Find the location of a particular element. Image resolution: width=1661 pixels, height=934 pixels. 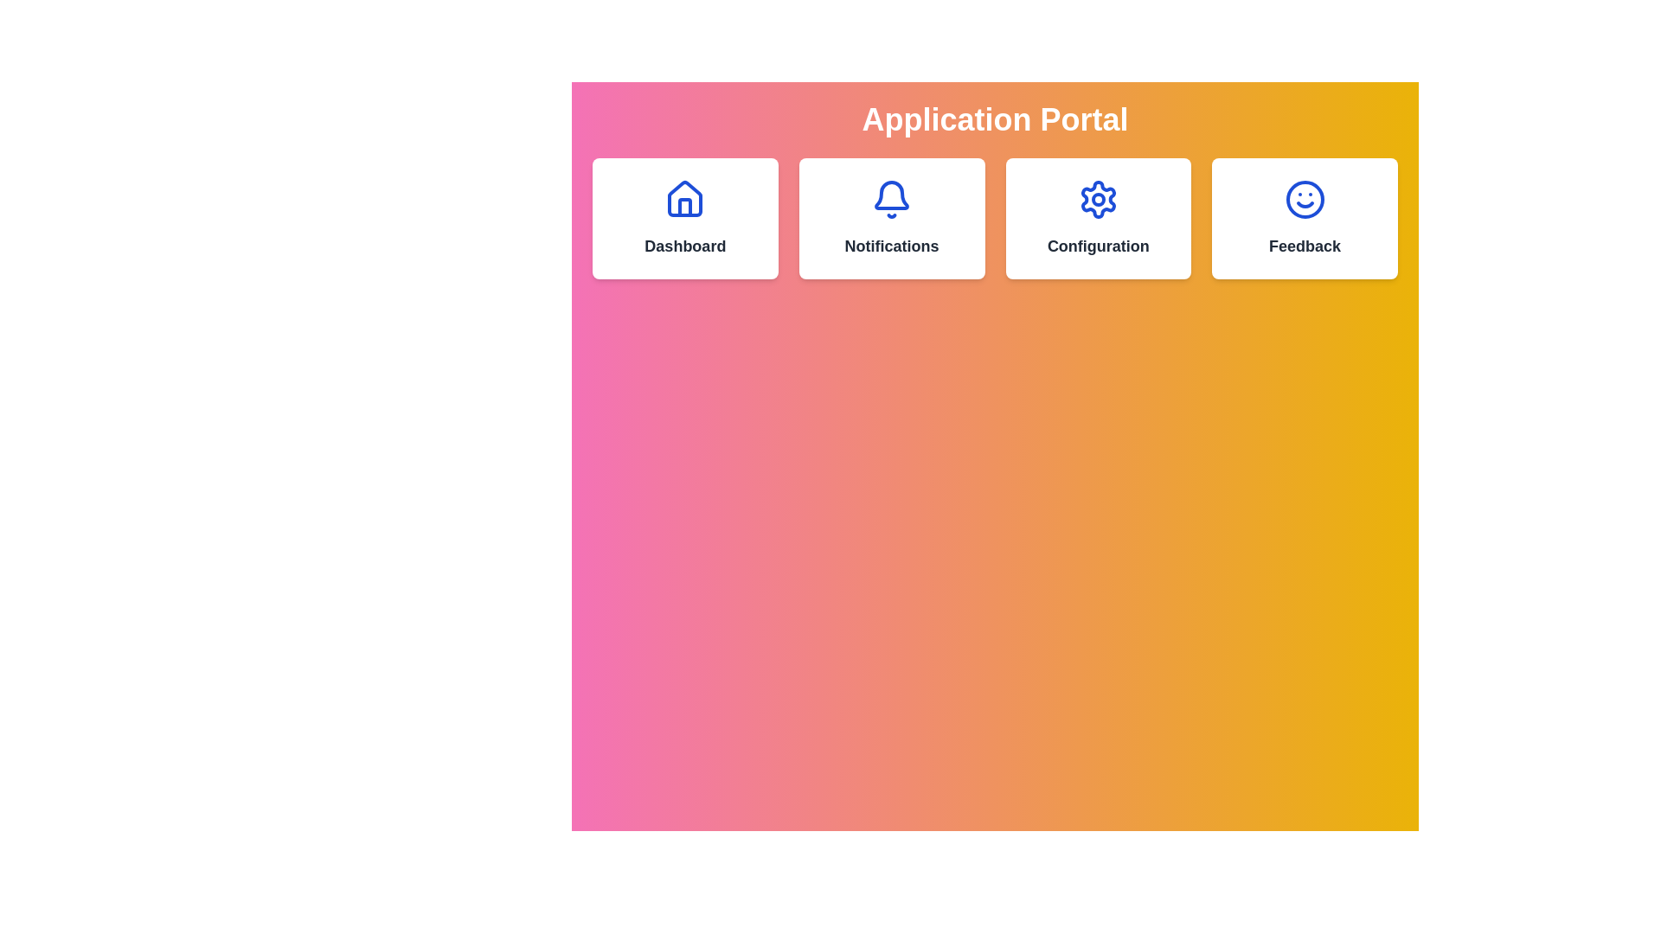

the gear-shaped icon within the 'Configuration' button, which is the third option from the left in a row of four buttons, located below the 'Application Portal' heading is located at coordinates (1097, 199).